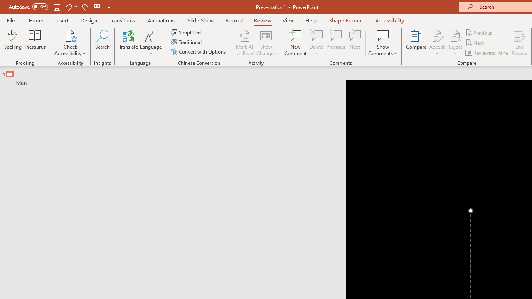 The width and height of the screenshot is (532, 299). What do you see at coordinates (34, 43) in the screenshot?
I see `'Thesaurus...'` at bounding box center [34, 43].